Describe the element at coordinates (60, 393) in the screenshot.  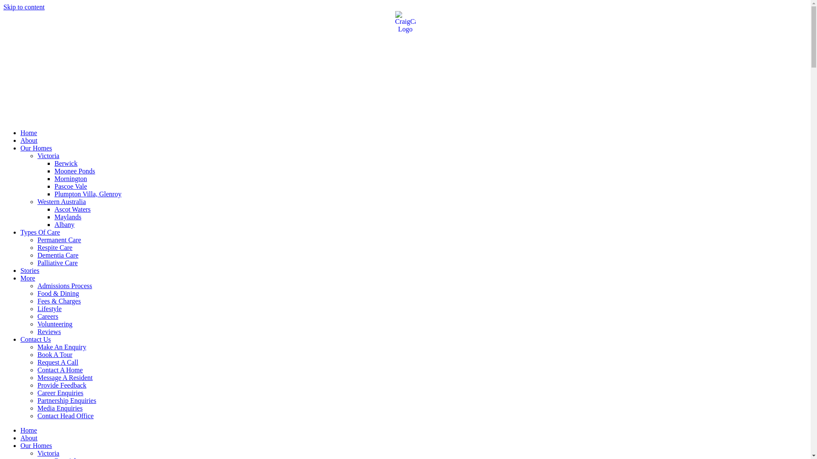
I see `'Career Enquiries'` at that location.